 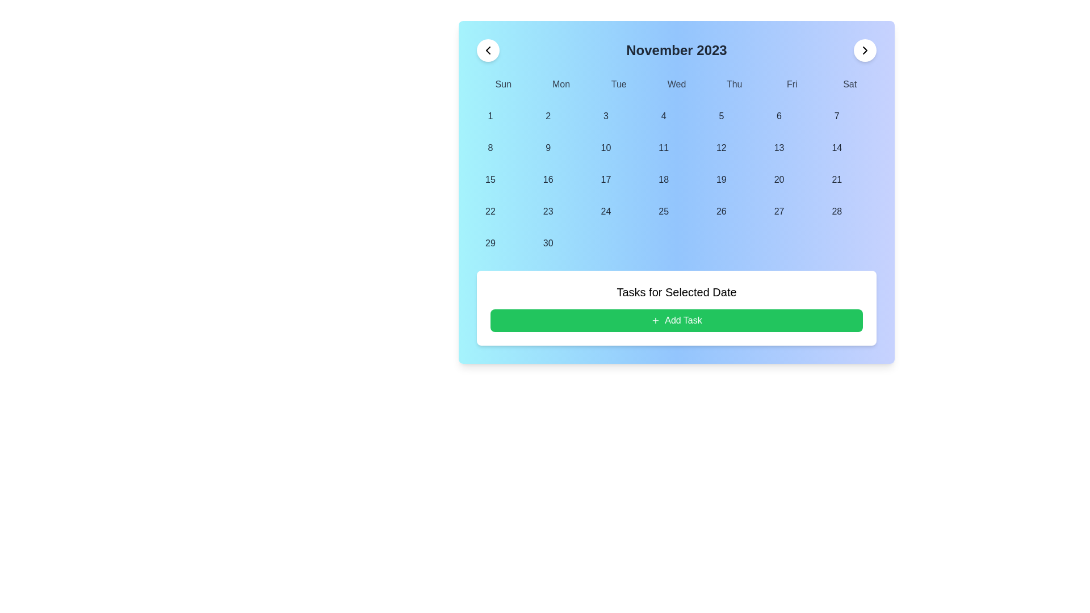 What do you see at coordinates (720, 116) in the screenshot?
I see `the rectangular button with the number '5'` at bounding box center [720, 116].